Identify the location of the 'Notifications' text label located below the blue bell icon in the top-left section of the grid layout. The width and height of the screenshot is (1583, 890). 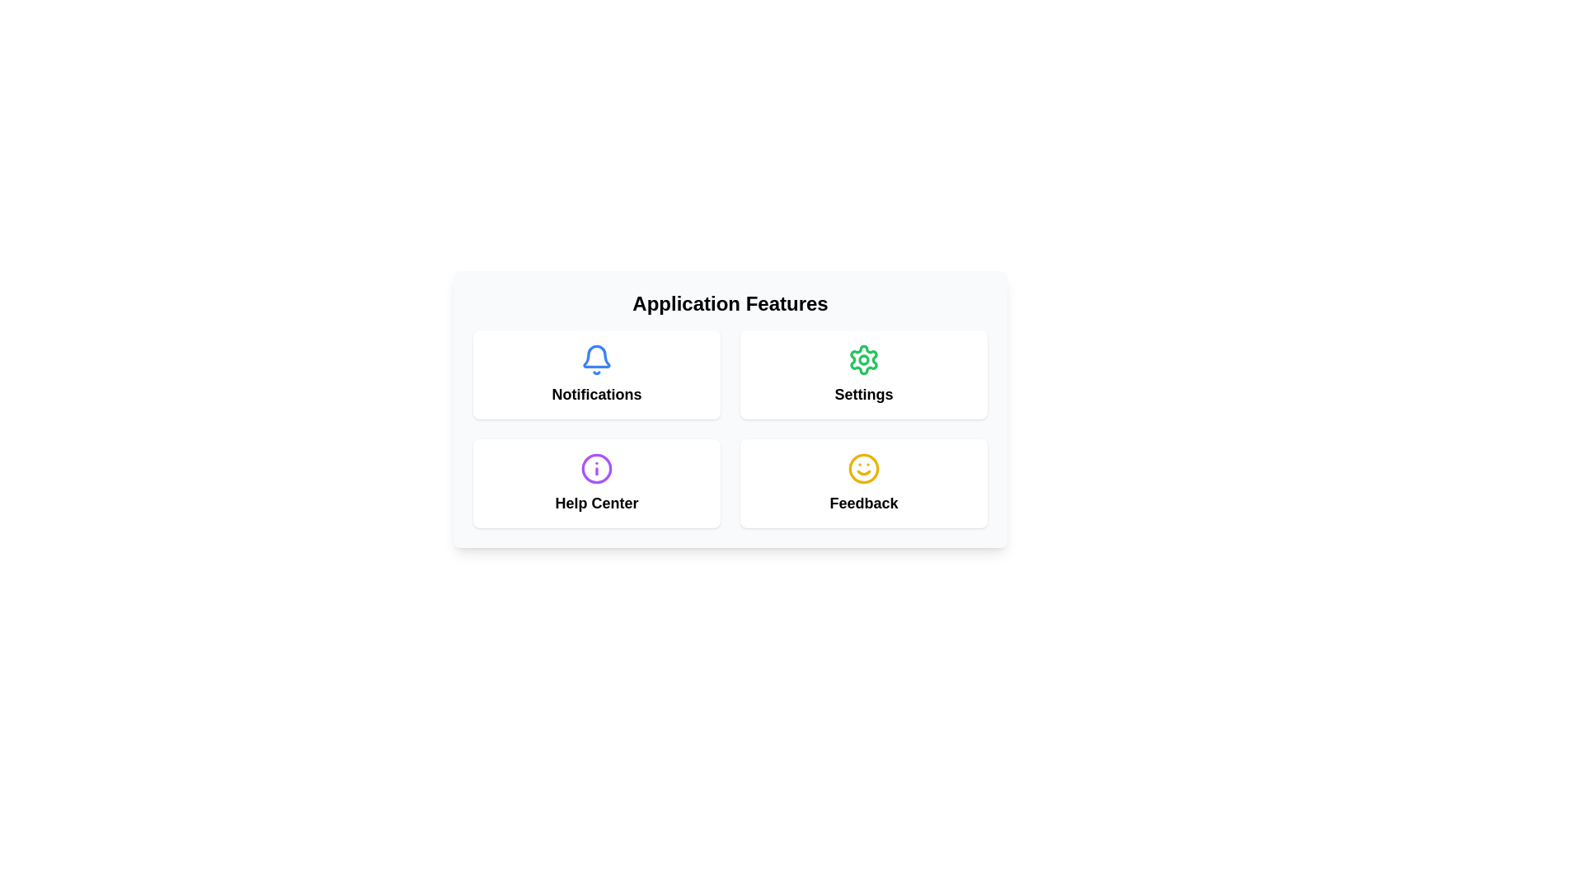
(596, 394).